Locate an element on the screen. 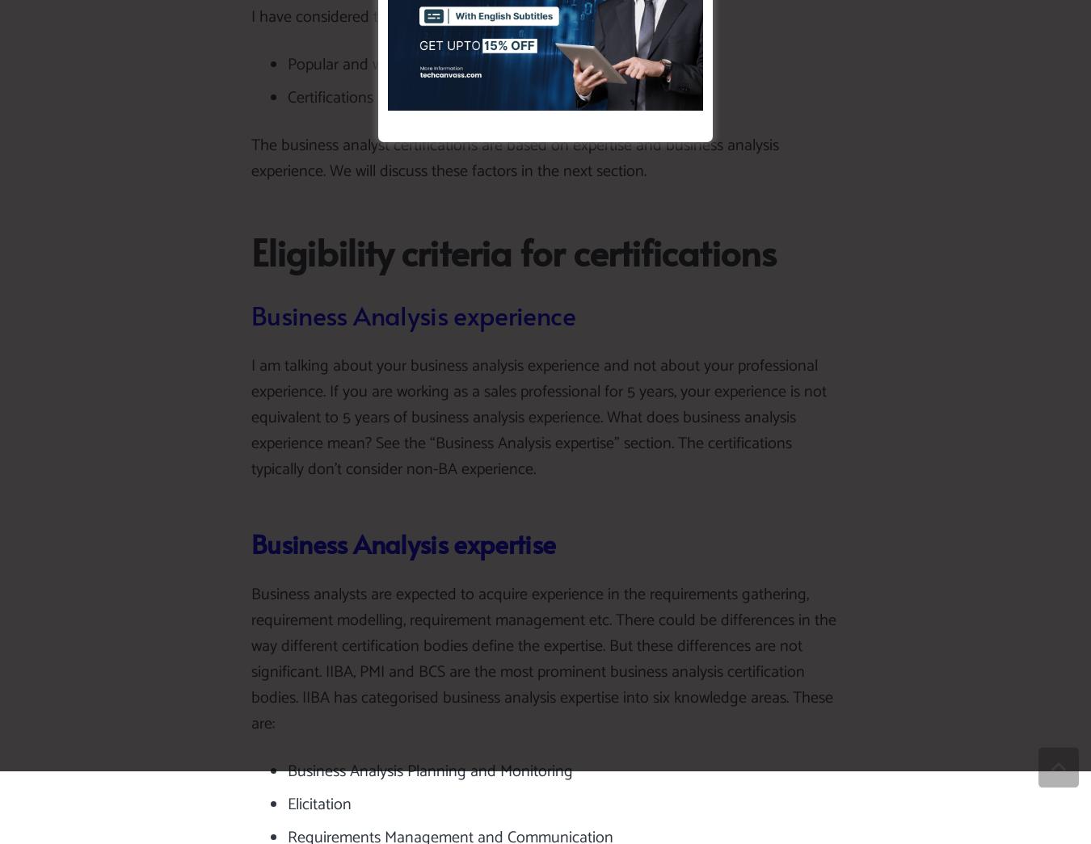  'I am talking about your business analysis experience and not about your professional experience. If you are working as a sales professional for 5 years, your experience is not equivalent to 5 years of business analysis experience. What does business analysis experience mean? See the “Business Analysis expertise” section. The certifications typically don’t consider non-BA experience.' is located at coordinates (539, 416).